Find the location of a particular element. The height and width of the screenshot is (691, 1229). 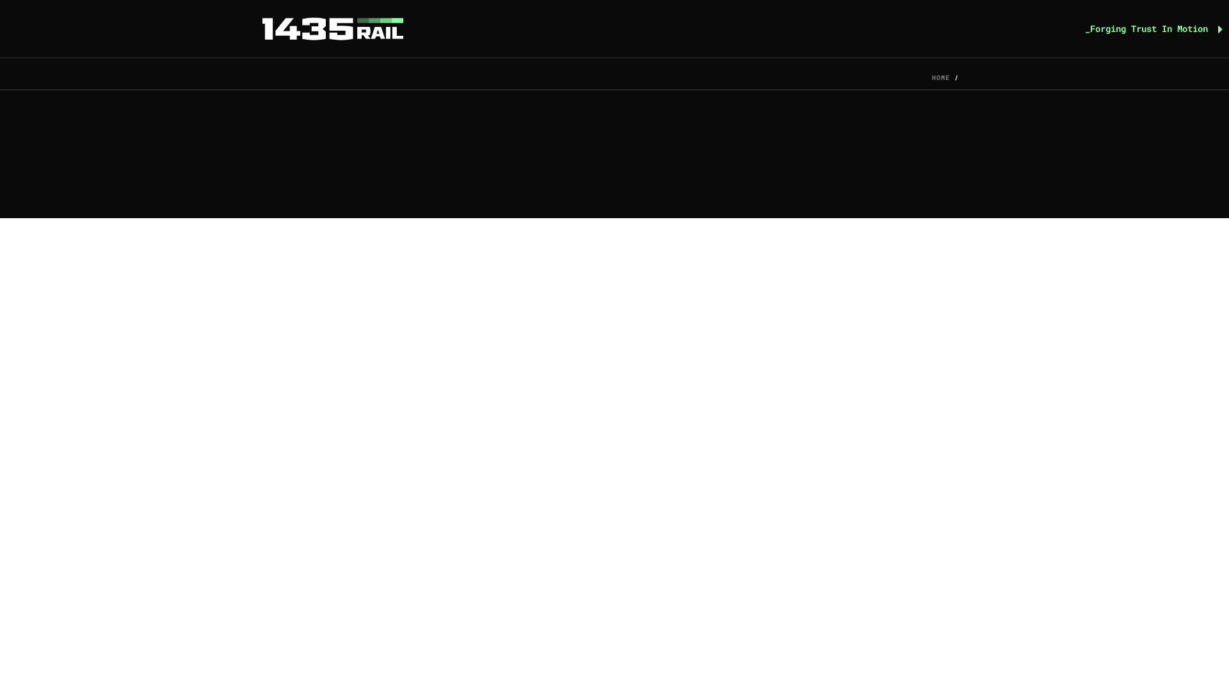

'HOME' is located at coordinates (940, 77).